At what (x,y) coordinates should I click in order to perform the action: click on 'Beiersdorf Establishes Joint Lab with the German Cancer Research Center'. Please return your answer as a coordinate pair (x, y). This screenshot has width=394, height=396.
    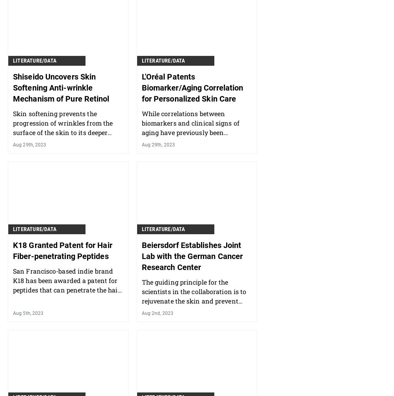
    Looking at the image, I should click on (141, 255).